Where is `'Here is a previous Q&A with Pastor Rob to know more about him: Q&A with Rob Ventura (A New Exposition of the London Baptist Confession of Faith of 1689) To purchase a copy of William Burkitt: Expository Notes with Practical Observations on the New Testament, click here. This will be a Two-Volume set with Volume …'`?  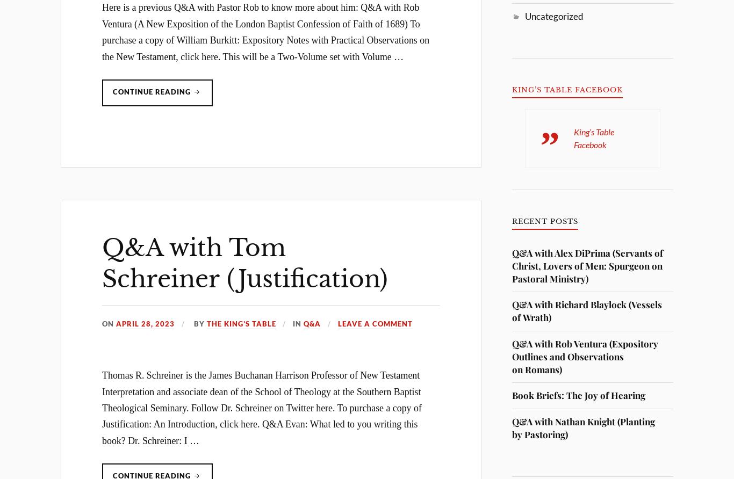
'Here is a previous Q&A with Pastor Rob to know more about him: Q&A with Rob Ventura (A New Exposition of the London Baptist Confession of Faith of 1689) To purchase a copy of William Burkitt: Expository Notes with Practical Observations on the New Testament, click here. This will be a Two-Volume set with Volume …' is located at coordinates (102, 32).